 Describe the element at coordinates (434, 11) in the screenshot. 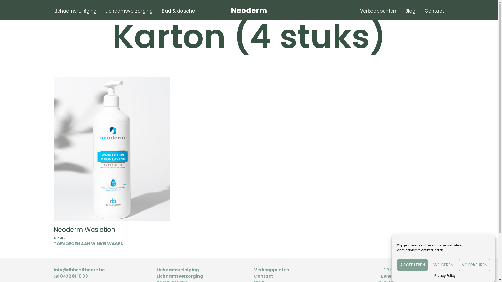

I see `'Contact'` at that location.